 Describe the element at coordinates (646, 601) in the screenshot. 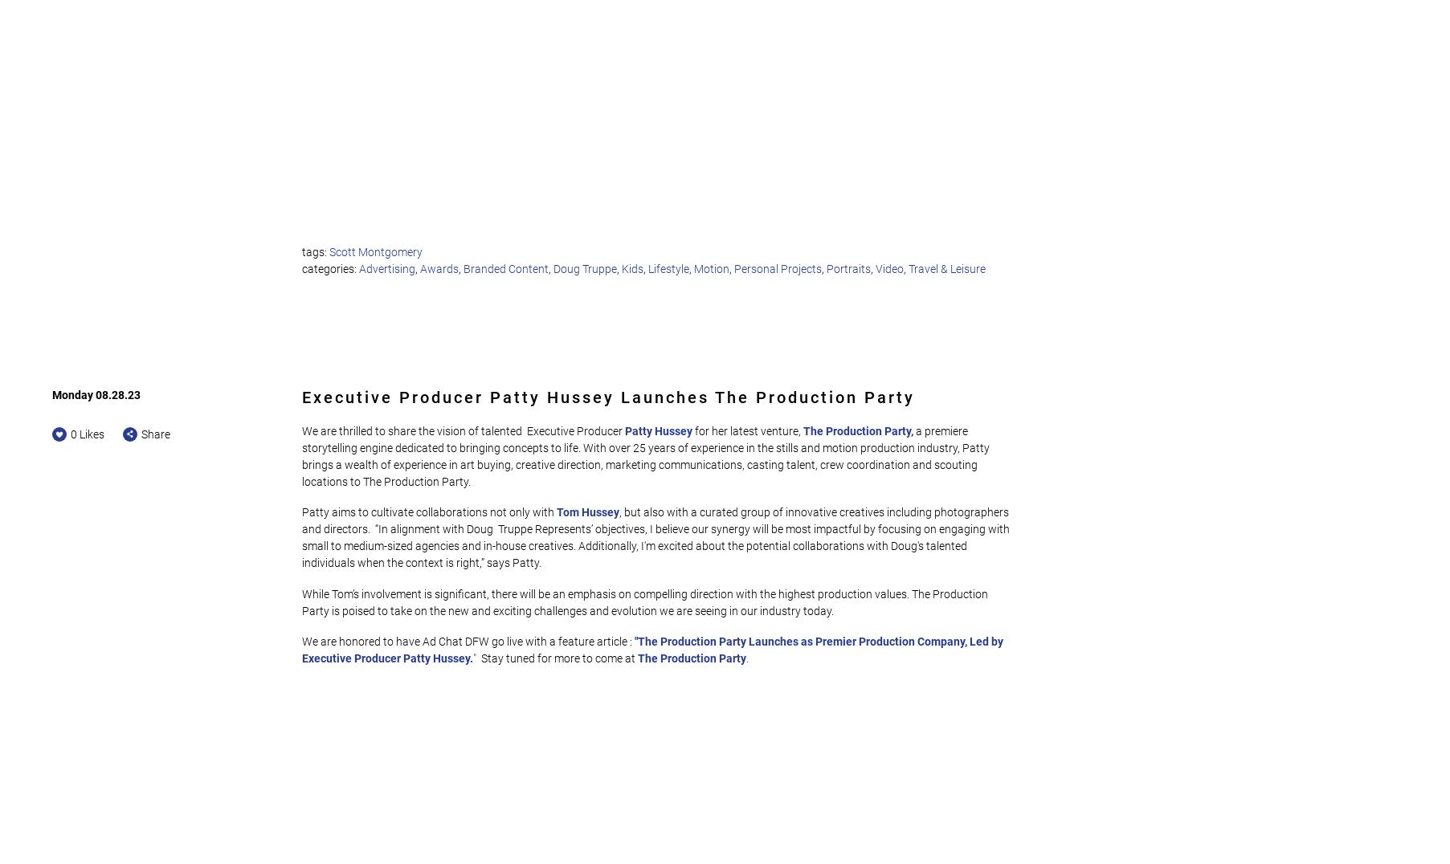

I see `'While Tom’s involvement is significant, there will be an emphasis on compelling direction with the highest production values. The Production Party is poised to take on the new and exciting challenges and evolution we are seeing in our industry today.'` at that location.